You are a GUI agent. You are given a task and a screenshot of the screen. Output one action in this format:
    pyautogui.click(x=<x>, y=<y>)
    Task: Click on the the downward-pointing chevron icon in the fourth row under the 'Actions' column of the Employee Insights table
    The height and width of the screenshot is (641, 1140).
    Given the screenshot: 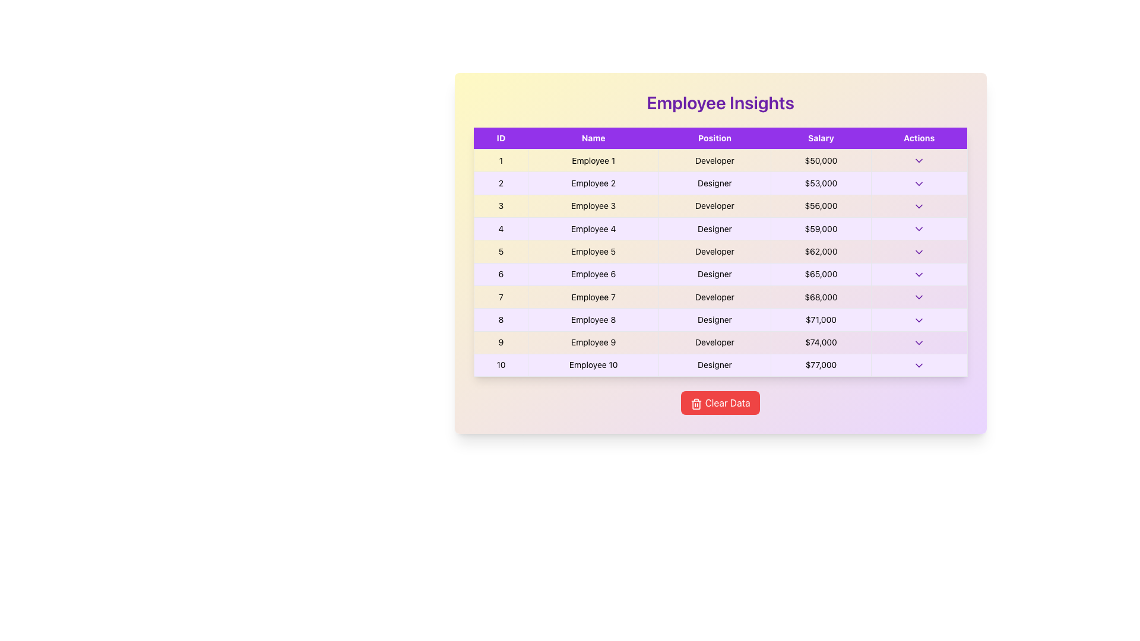 What is the action you would take?
    pyautogui.click(x=919, y=205)
    